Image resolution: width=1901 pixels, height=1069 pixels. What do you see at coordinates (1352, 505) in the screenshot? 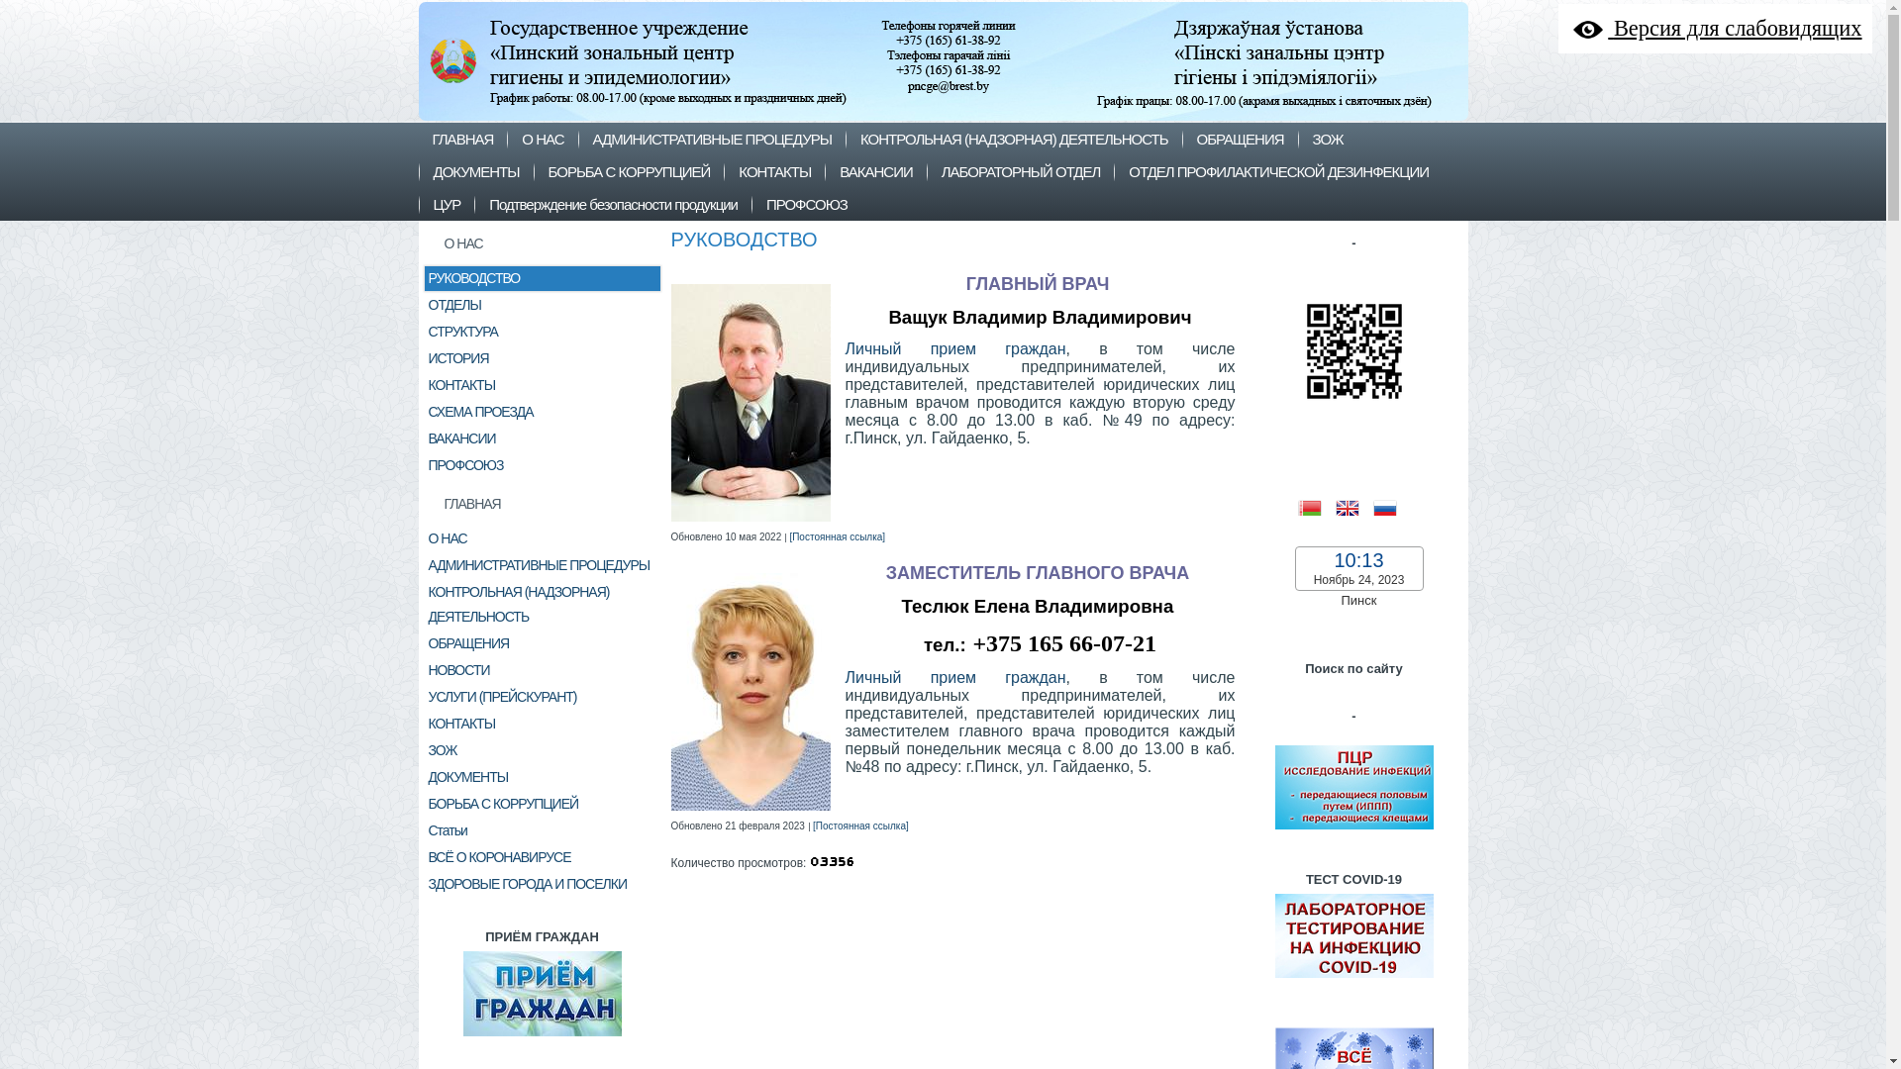
I see `'English'` at bounding box center [1352, 505].